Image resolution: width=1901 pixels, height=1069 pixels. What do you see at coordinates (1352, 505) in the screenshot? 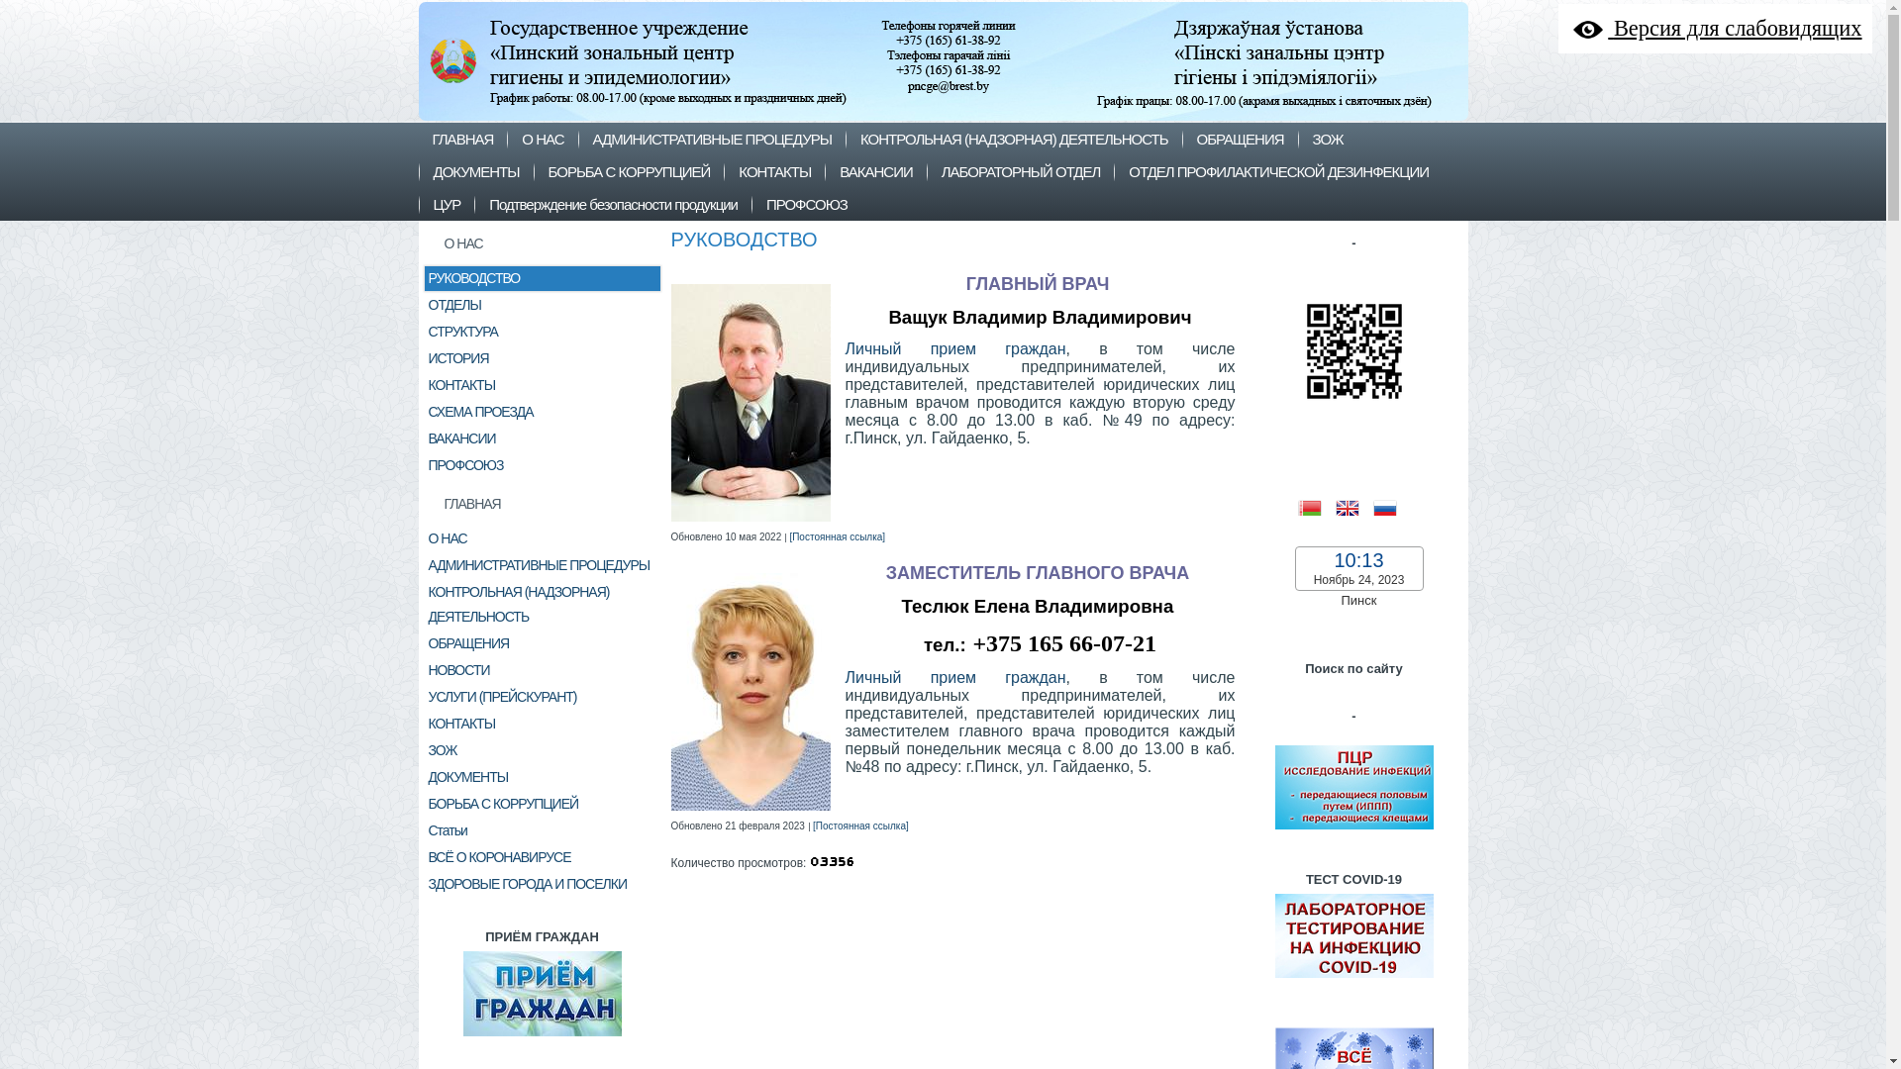
I see `'English'` at bounding box center [1352, 505].